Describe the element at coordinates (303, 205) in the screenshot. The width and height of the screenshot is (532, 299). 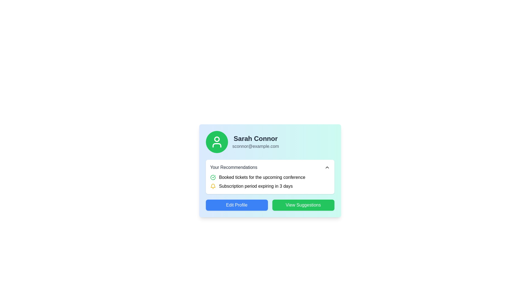
I see `the green 'View Suggestions' button with rounded corners to observe its hover effects` at that location.